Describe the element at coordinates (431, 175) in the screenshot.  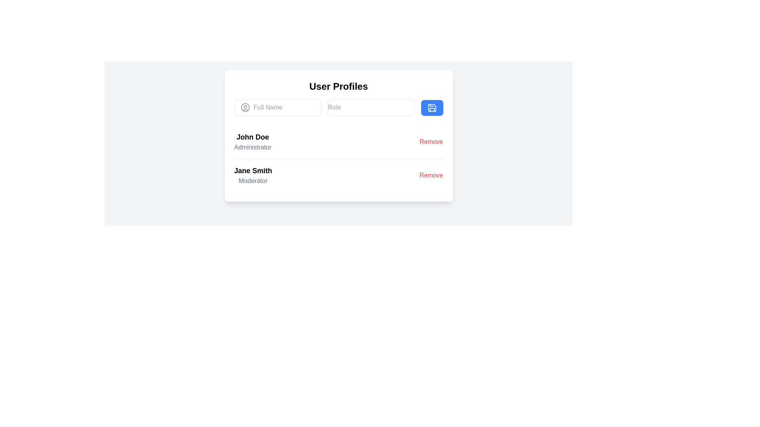
I see `the red-colored 'Remove' text link located at the far right of the user details row for 'Jane Smith' and 'Moderator'` at that location.